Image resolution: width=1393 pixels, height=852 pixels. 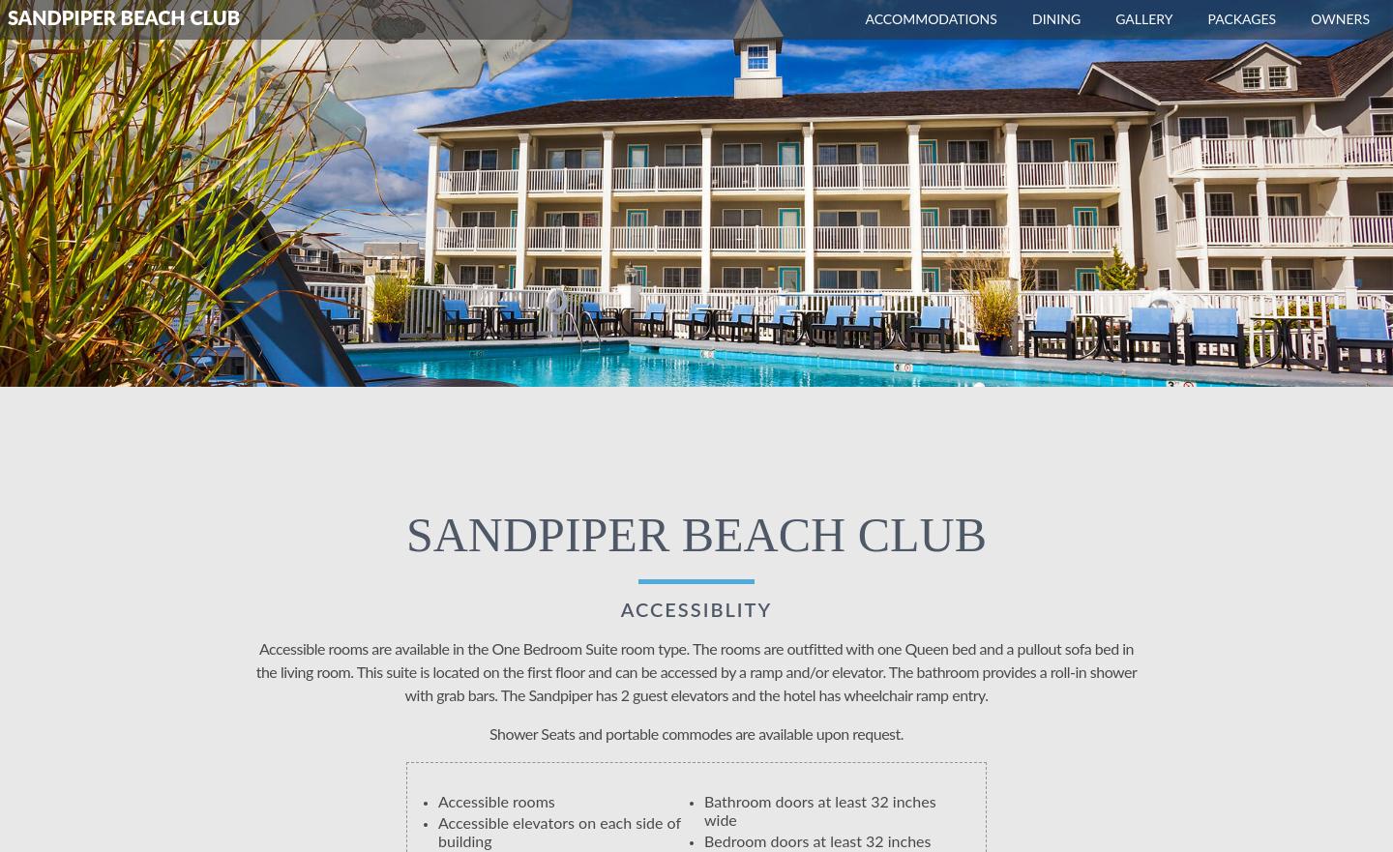 What do you see at coordinates (438, 833) in the screenshot?
I see `'Accessible elevators on each side of building'` at bounding box center [438, 833].